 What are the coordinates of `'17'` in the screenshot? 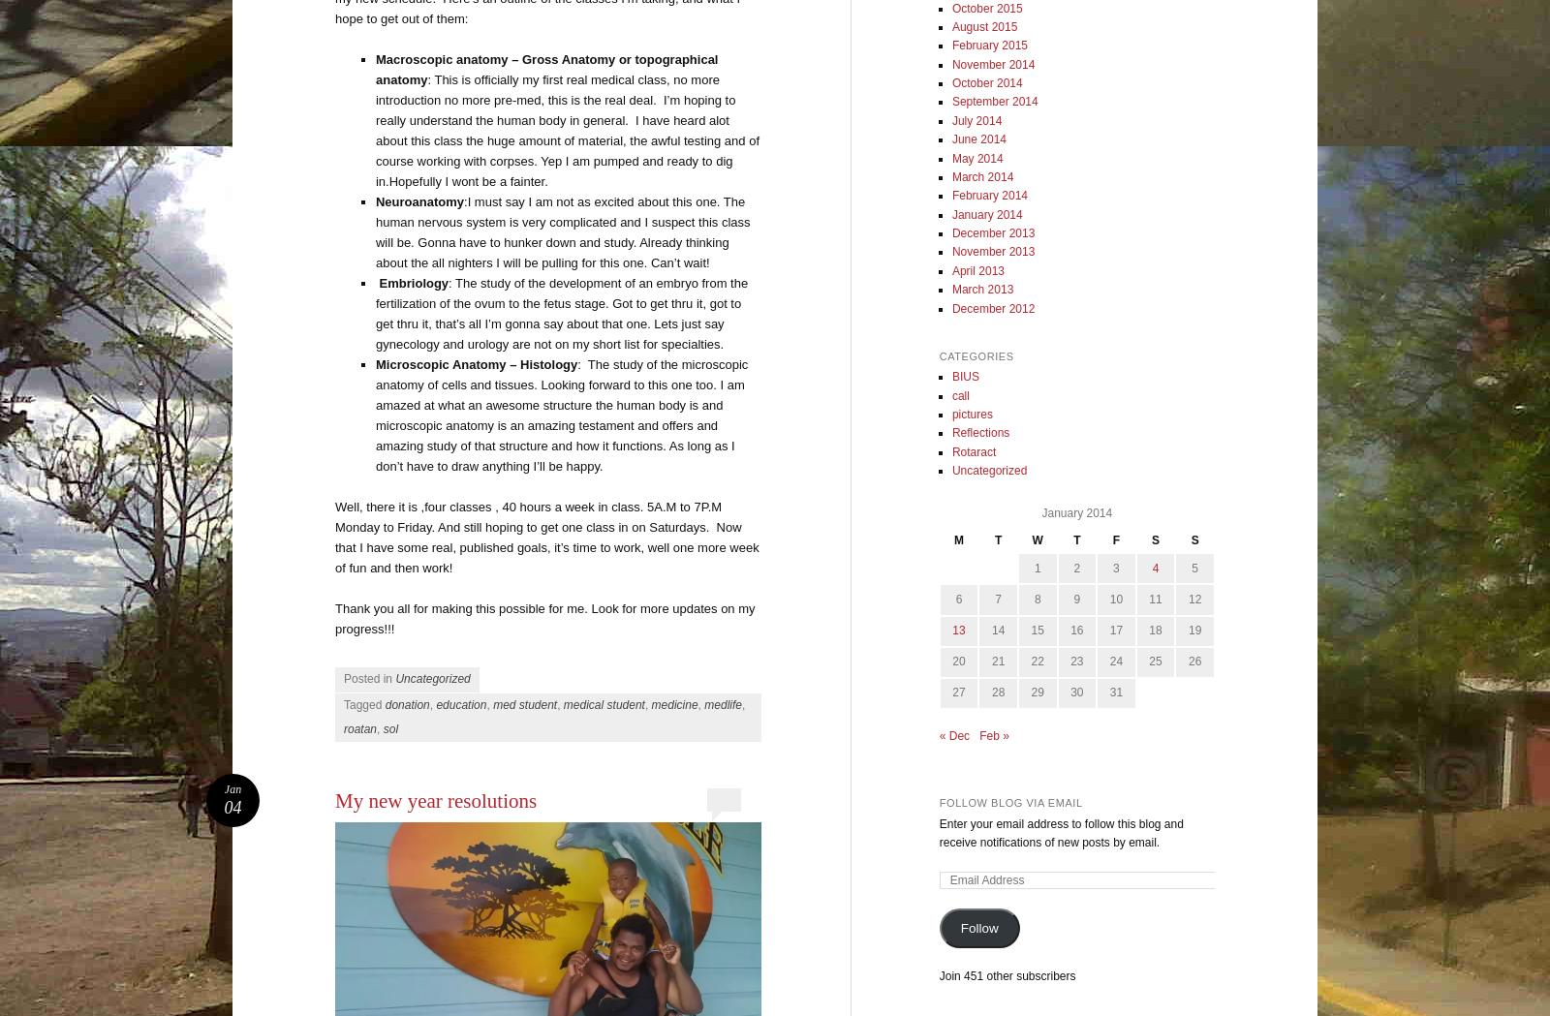 It's located at (1116, 628).